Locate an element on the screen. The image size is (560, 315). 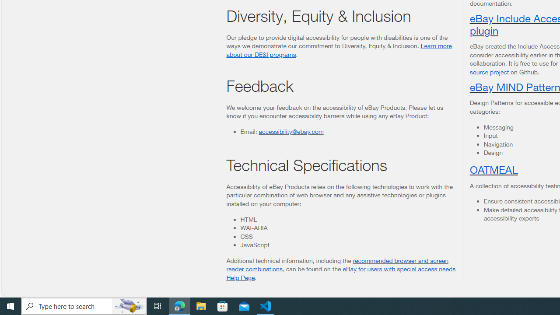
'OATMEAL' is located at coordinates (493, 169).